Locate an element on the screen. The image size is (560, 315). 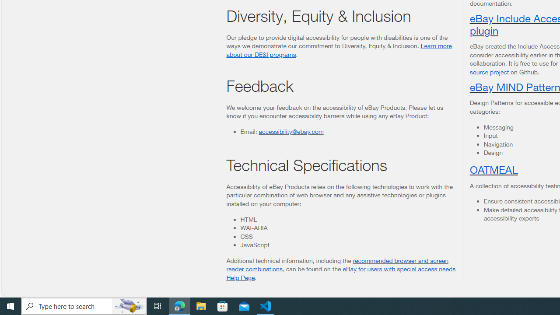
'OATMEAL' is located at coordinates (493, 169).